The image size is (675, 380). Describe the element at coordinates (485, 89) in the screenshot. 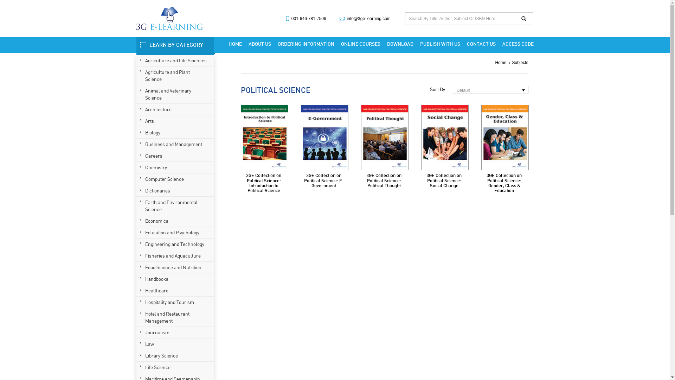

I see `'Default'` at that location.